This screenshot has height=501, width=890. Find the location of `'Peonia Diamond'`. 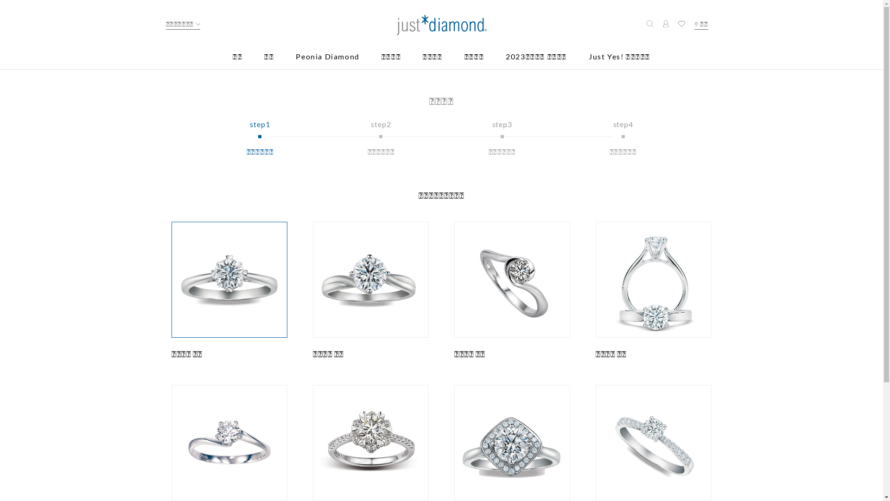

'Peonia Diamond' is located at coordinates (327, 61).